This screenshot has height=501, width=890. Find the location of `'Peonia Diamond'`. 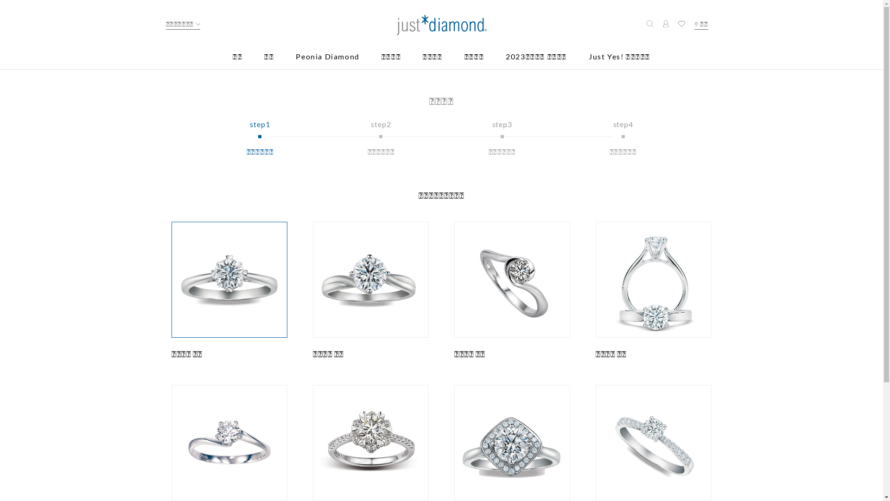

'Peonia Diamond' is located at coordinates (327, 61).